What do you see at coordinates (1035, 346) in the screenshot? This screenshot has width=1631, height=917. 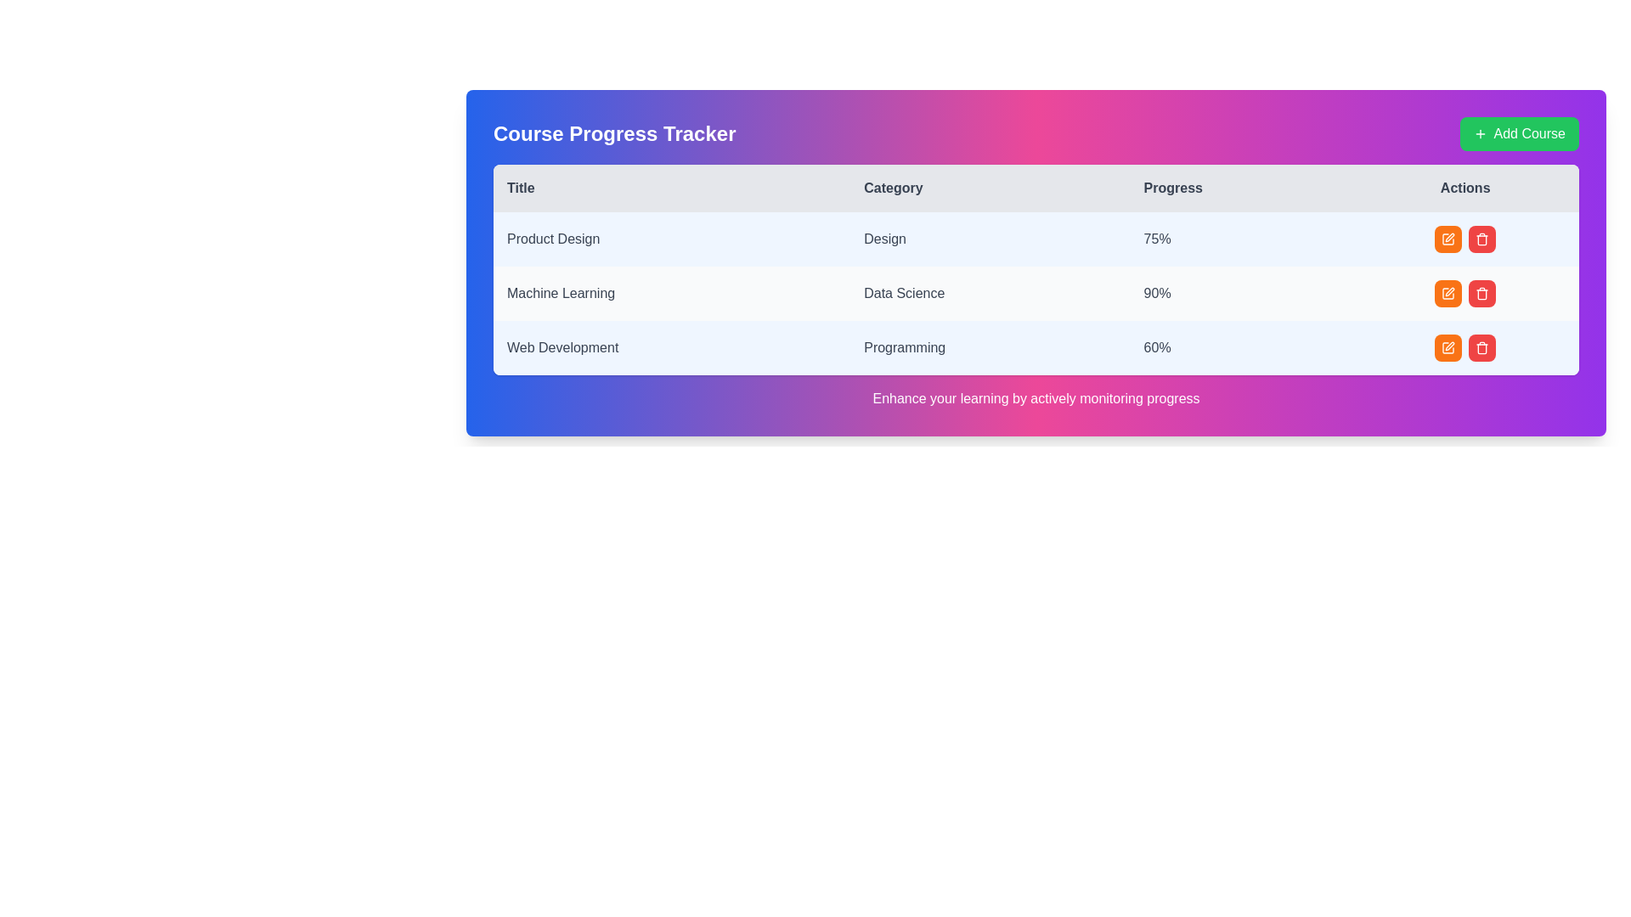 I see `contents of the third row in the course table, which includes the title, category, and progress percentage` at bounding box center [1035, 346].